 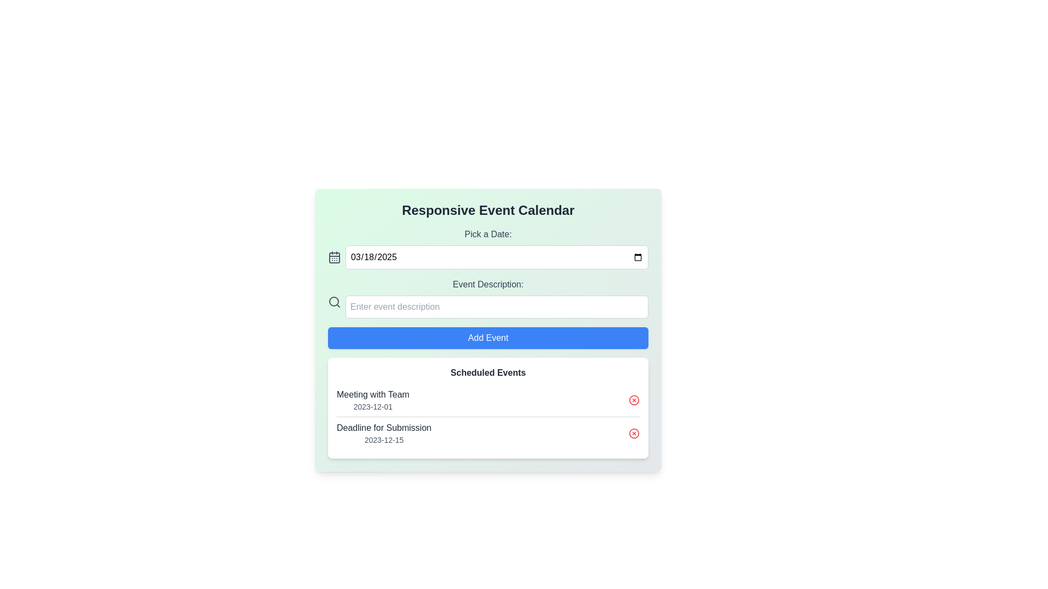 I want to click on the list of scheduled events located in the 'Scheduled Events' section of the interface, positioned below the 'Add Event' button, so click(x=487, y=417).